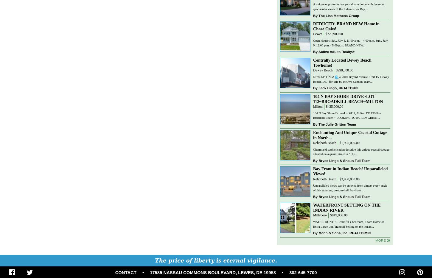  Describe the element at coordinates (335, 34) in the screenshot. I see `'729,900.00'` at that location.